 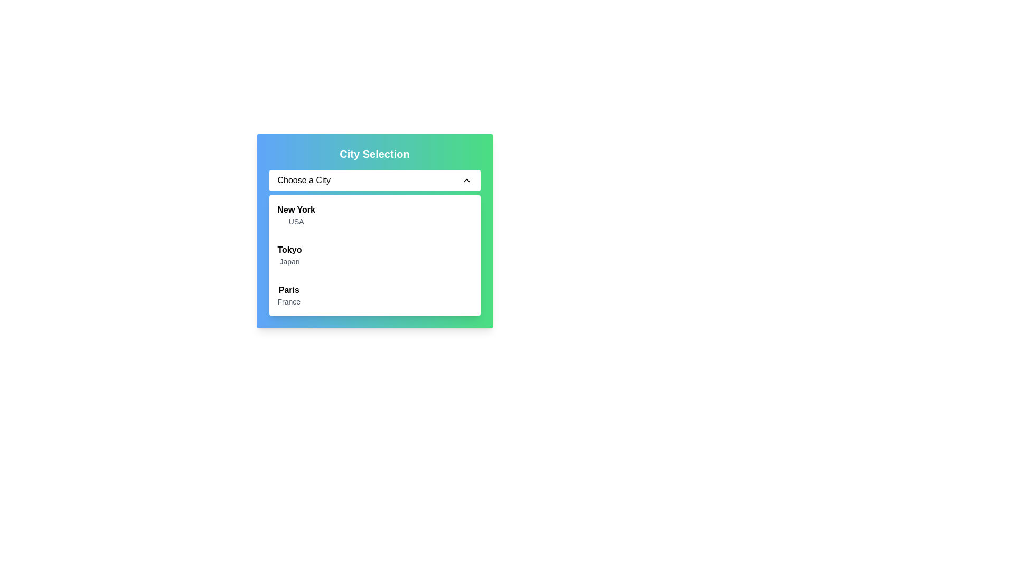 What do you see at coordinates (466, 180) in the screenshot?
I see `the upward-pointing chevron icon` at bounding box center [466, 180].